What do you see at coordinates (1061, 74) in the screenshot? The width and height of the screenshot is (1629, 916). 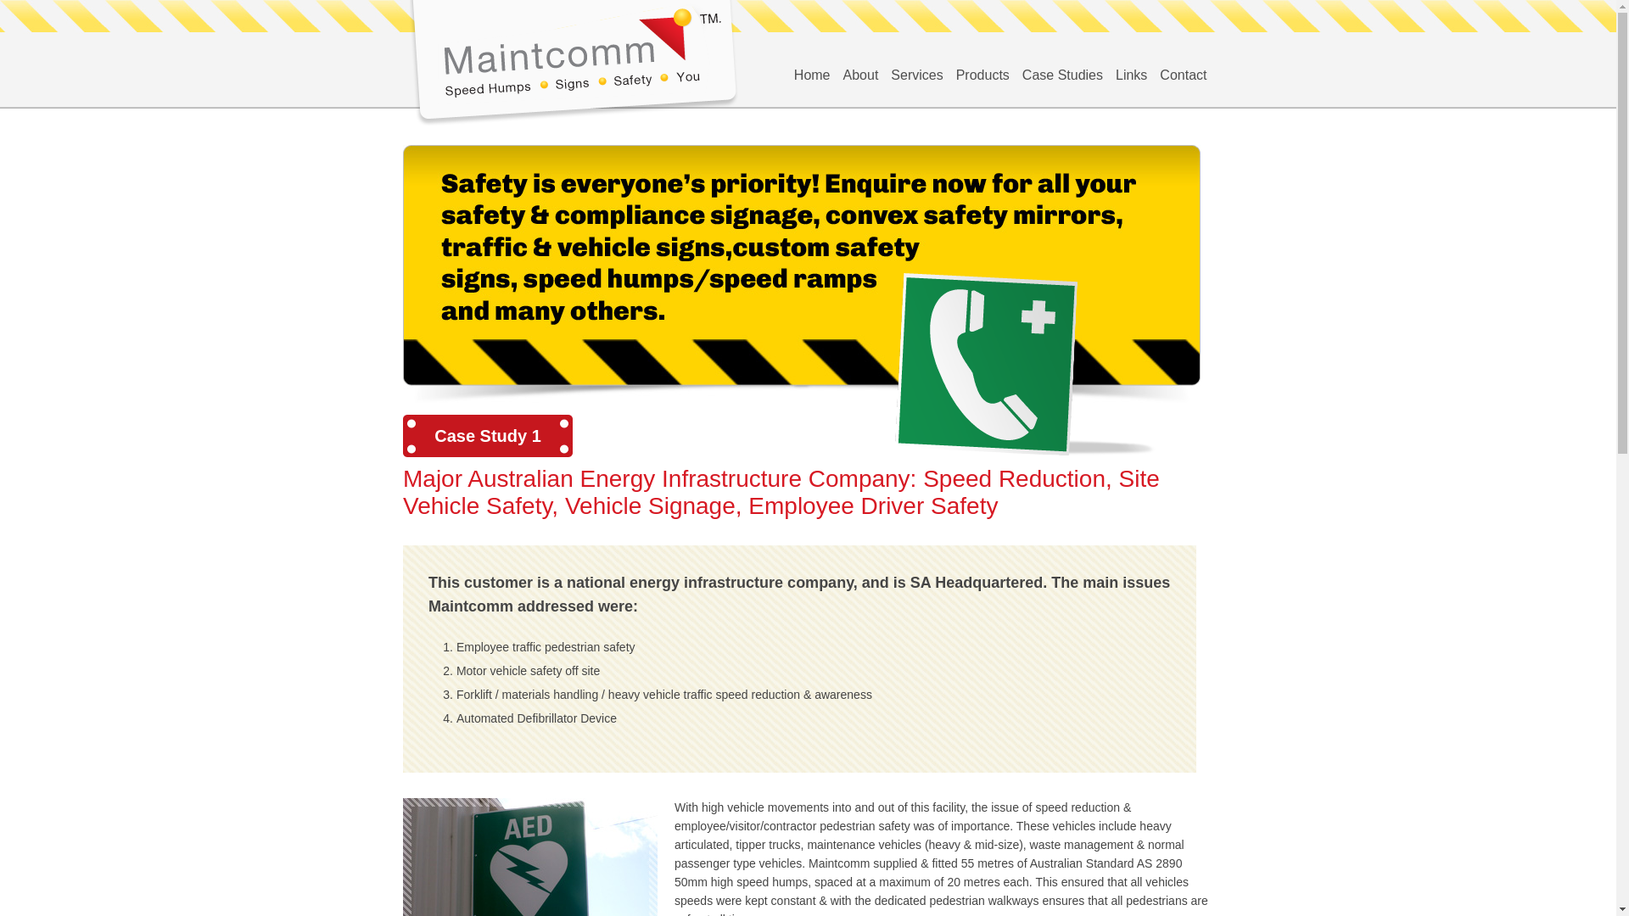 I see `'Case Studies'` at bounding box center [1061, 74].